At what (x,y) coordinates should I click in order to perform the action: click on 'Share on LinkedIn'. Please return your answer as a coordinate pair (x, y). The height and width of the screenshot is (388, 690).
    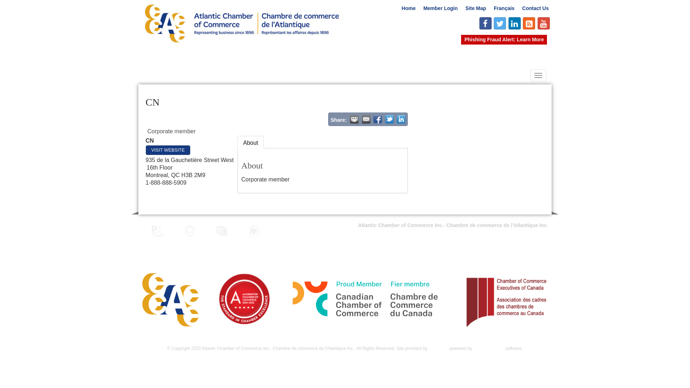
    Looking at the image, I should click on (401, 119).